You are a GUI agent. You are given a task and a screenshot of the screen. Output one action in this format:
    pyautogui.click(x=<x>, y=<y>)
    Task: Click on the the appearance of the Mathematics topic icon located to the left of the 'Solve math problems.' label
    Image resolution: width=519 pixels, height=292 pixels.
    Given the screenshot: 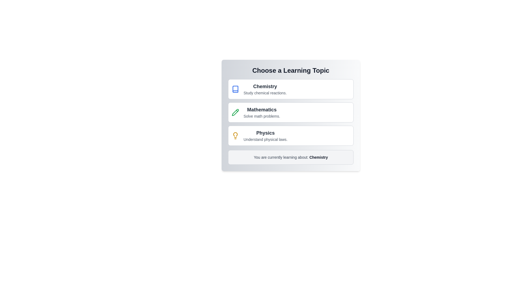 What is the action you would take?
    pyautogui.click(x=235, y=112)
    